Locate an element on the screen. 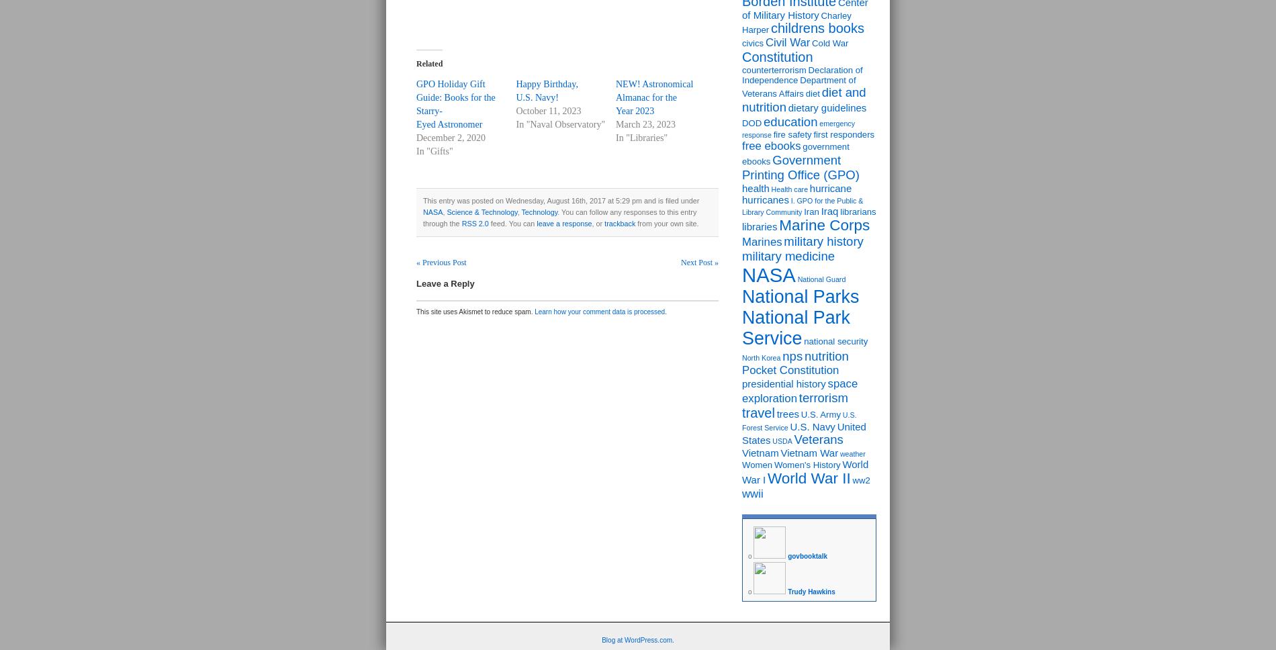 Image resolution: width=1276 pixels, height=650 pixels. 'dietary guidelines' is located at coordinates (826, 107).